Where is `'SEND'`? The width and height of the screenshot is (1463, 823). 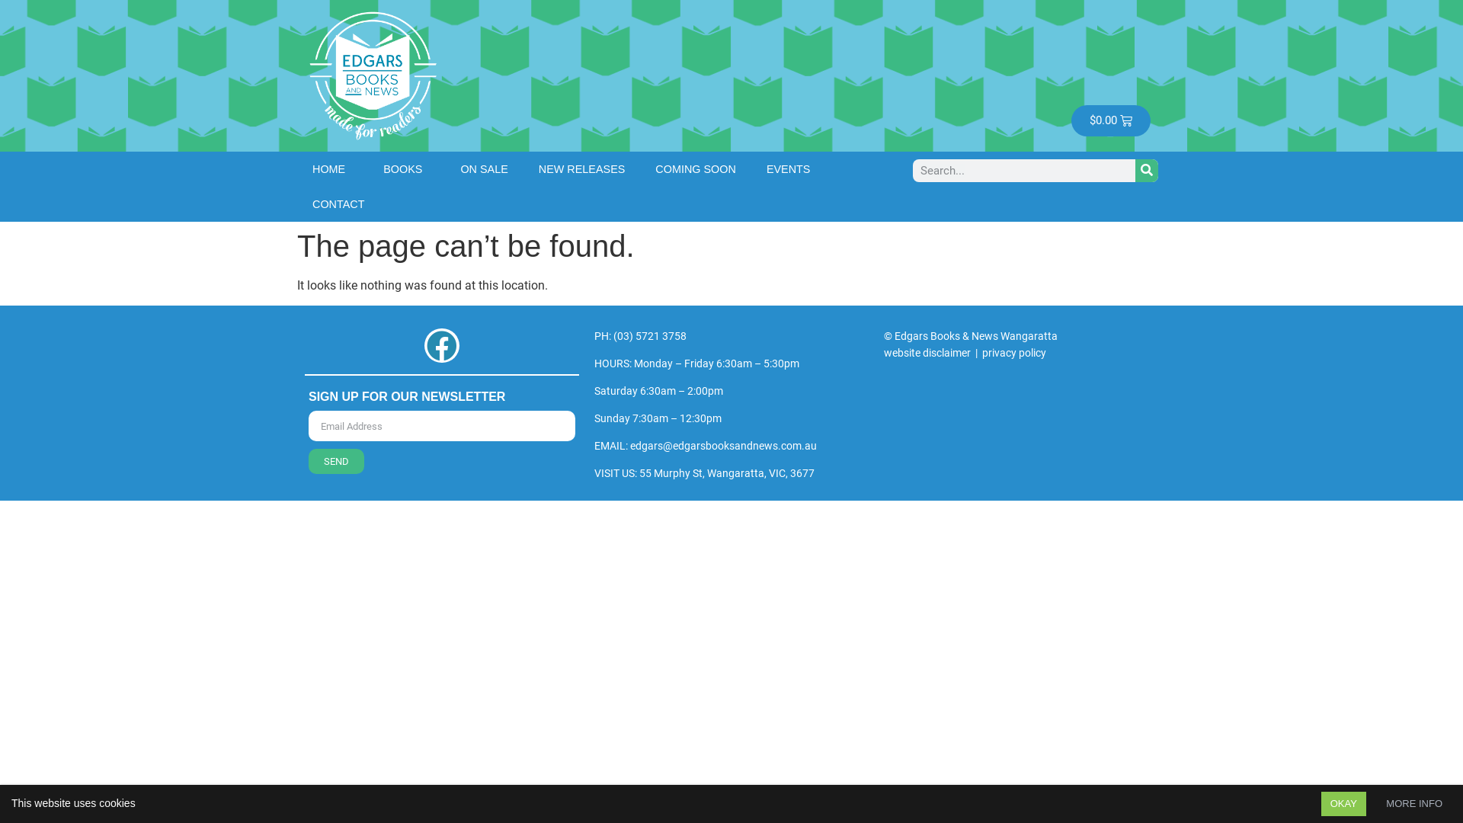
'SEND' is located at coordinates (335, 460).